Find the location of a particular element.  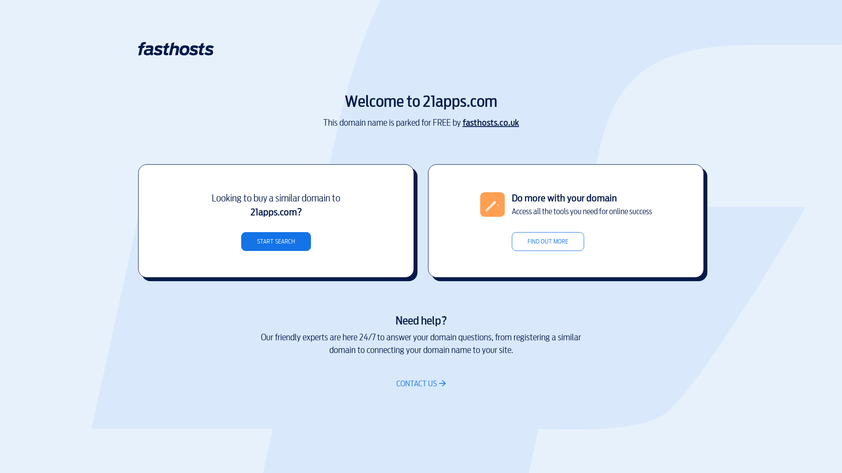

'START SEARCH' is located at coordinates (275, 241).